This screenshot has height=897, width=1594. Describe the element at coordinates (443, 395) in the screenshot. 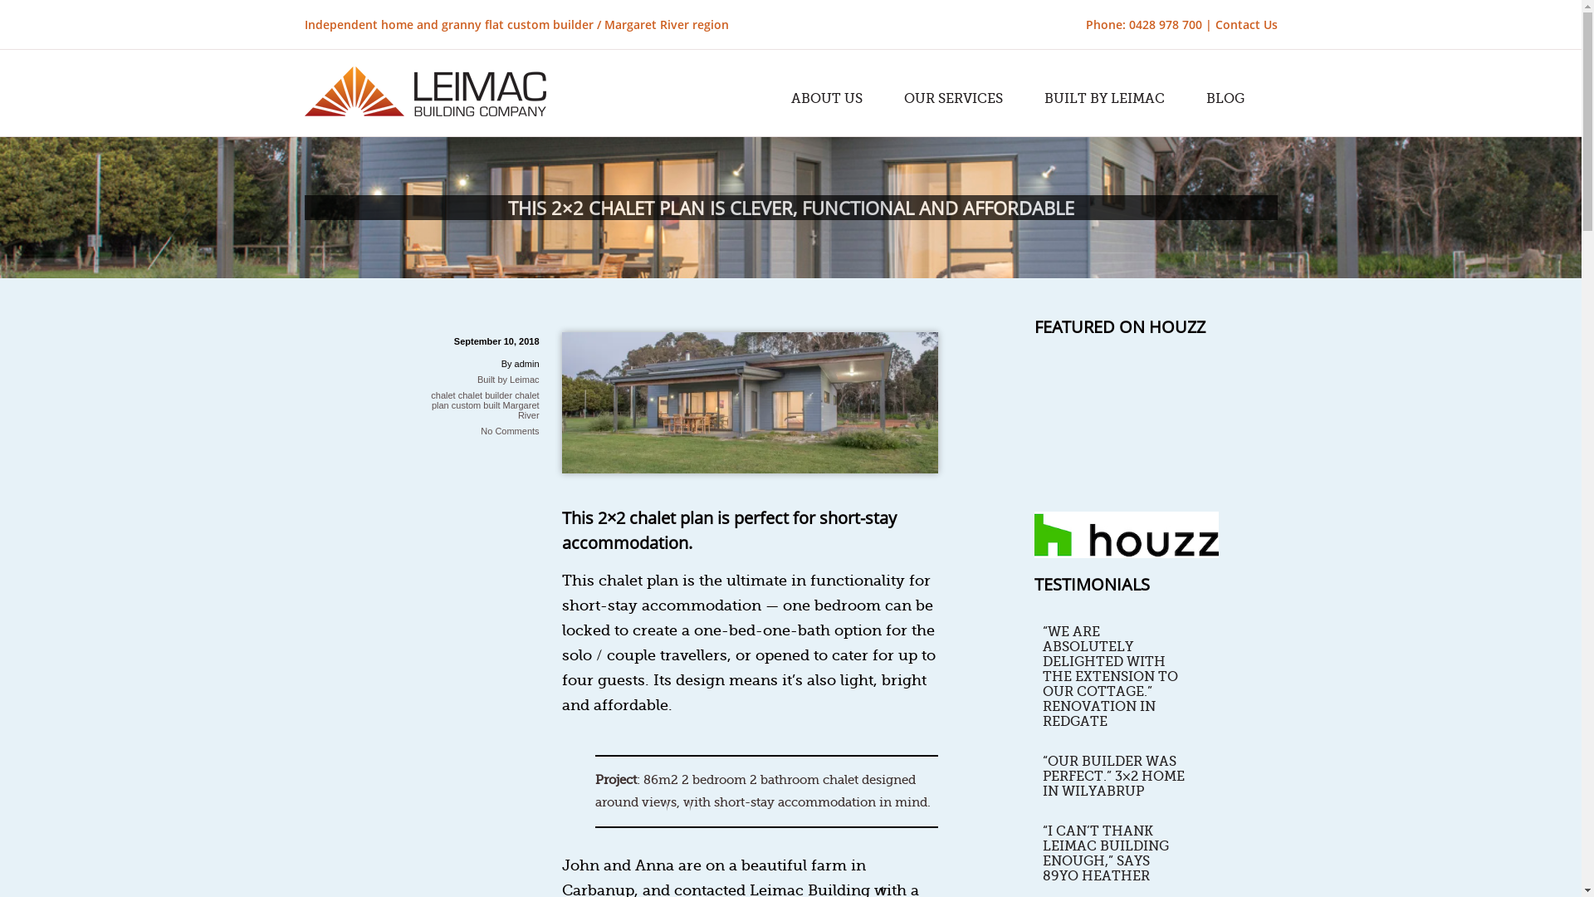

I see `'chalet'` at that location.